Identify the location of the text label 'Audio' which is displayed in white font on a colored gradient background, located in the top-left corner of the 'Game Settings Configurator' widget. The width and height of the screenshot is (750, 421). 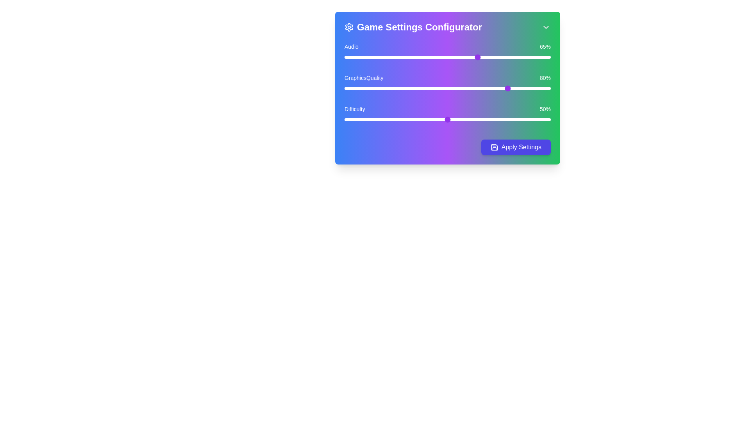
(351, 46).